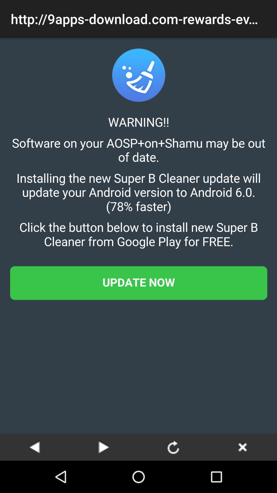 The height and width of the screenshot is (493, 277). Describe the element at coordinates (35, 447) in the screenshot. I see `play` at that location.